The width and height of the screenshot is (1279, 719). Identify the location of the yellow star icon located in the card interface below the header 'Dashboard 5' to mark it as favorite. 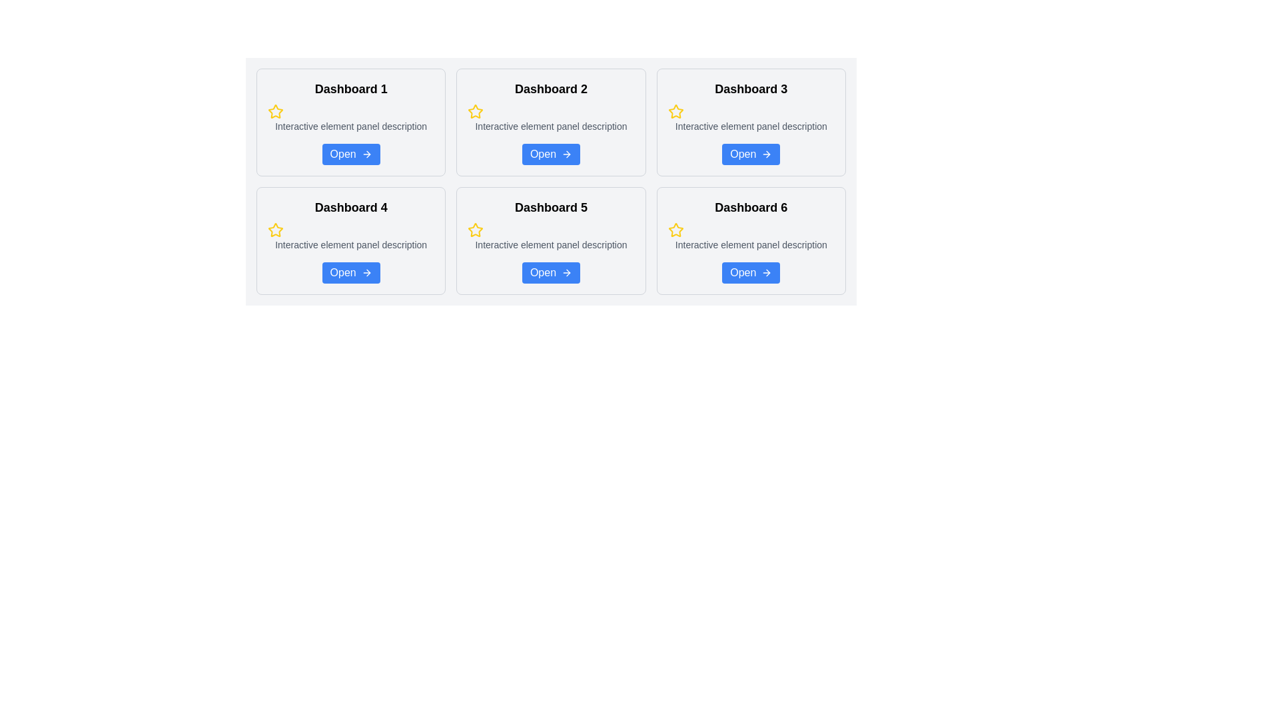
(476, 230).